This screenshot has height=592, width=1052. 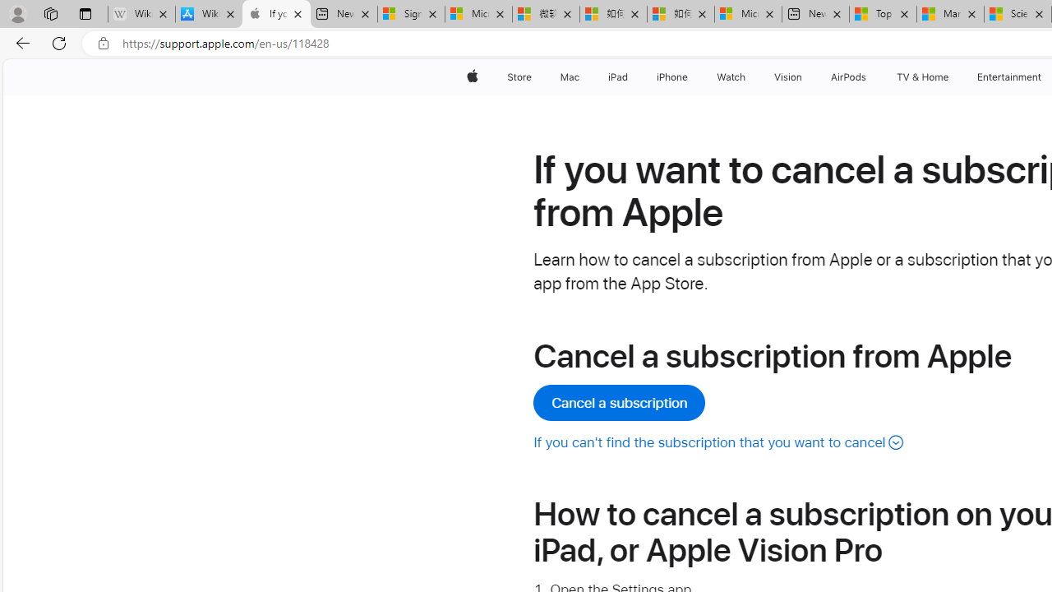 What do you see at coordinates (672, 76) in the screenshot?
I see `'iPhone'` at bounding box center [672, 76].